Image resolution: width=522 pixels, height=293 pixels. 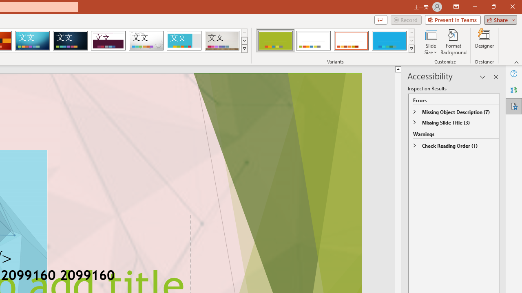 I want to click on 'Circuit', so click(x=32, y=41).